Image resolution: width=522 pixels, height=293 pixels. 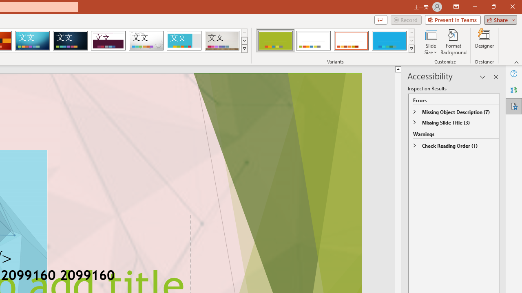 I want to click on 'Circuit', so click(x=32, y=41).